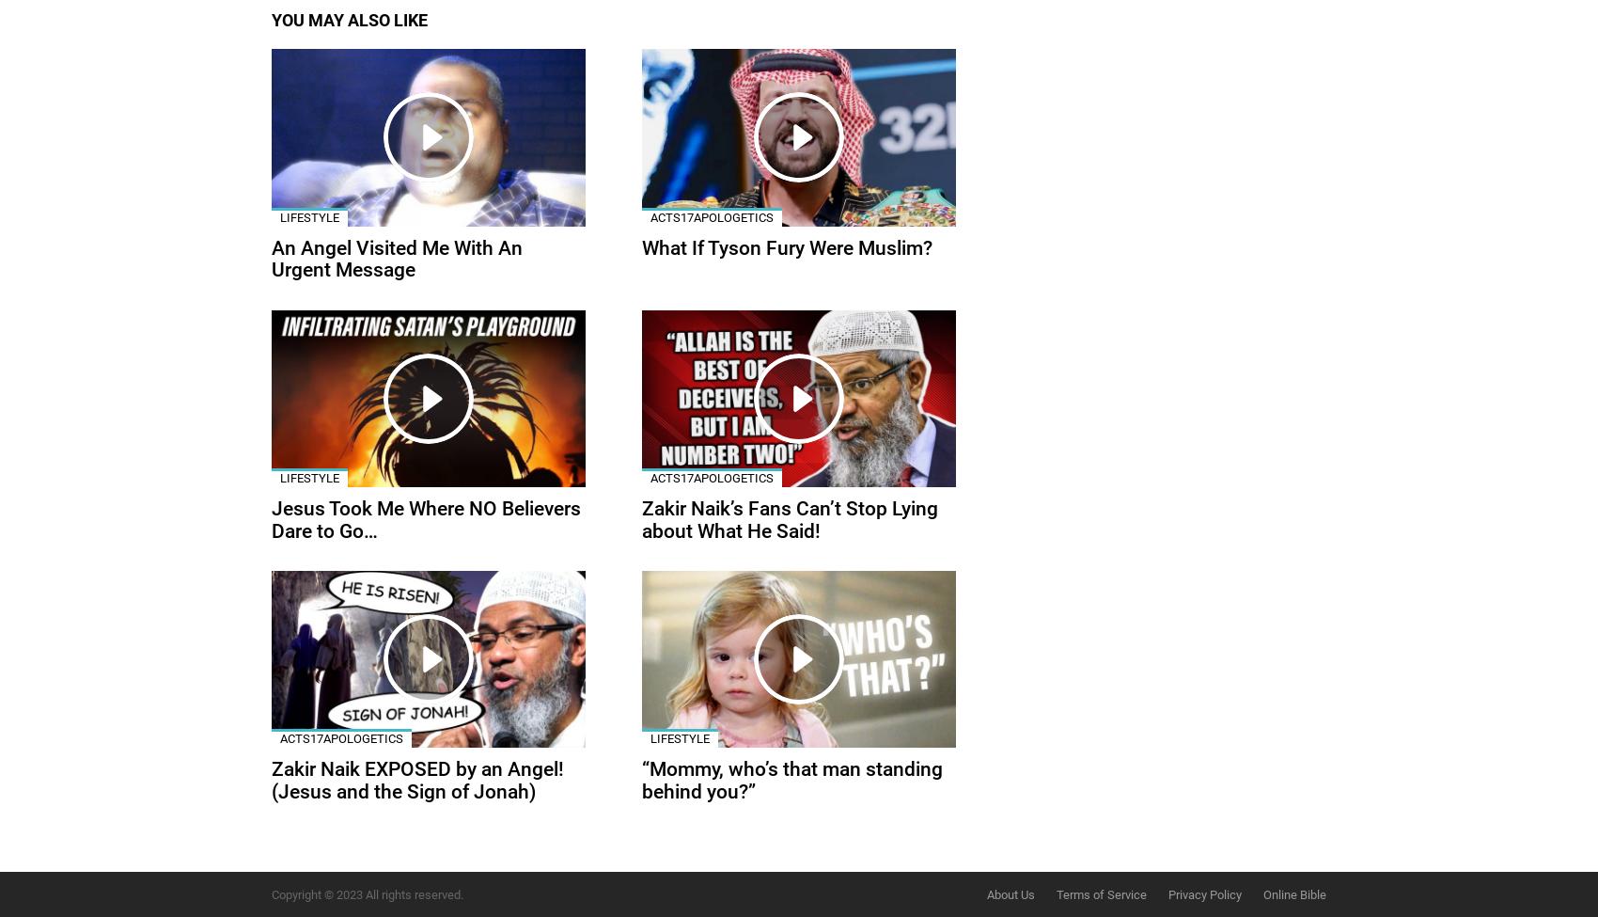 This screenshot has height=917, width=1598. I want to click on 'Privacy Policy', so click(1204, 893).